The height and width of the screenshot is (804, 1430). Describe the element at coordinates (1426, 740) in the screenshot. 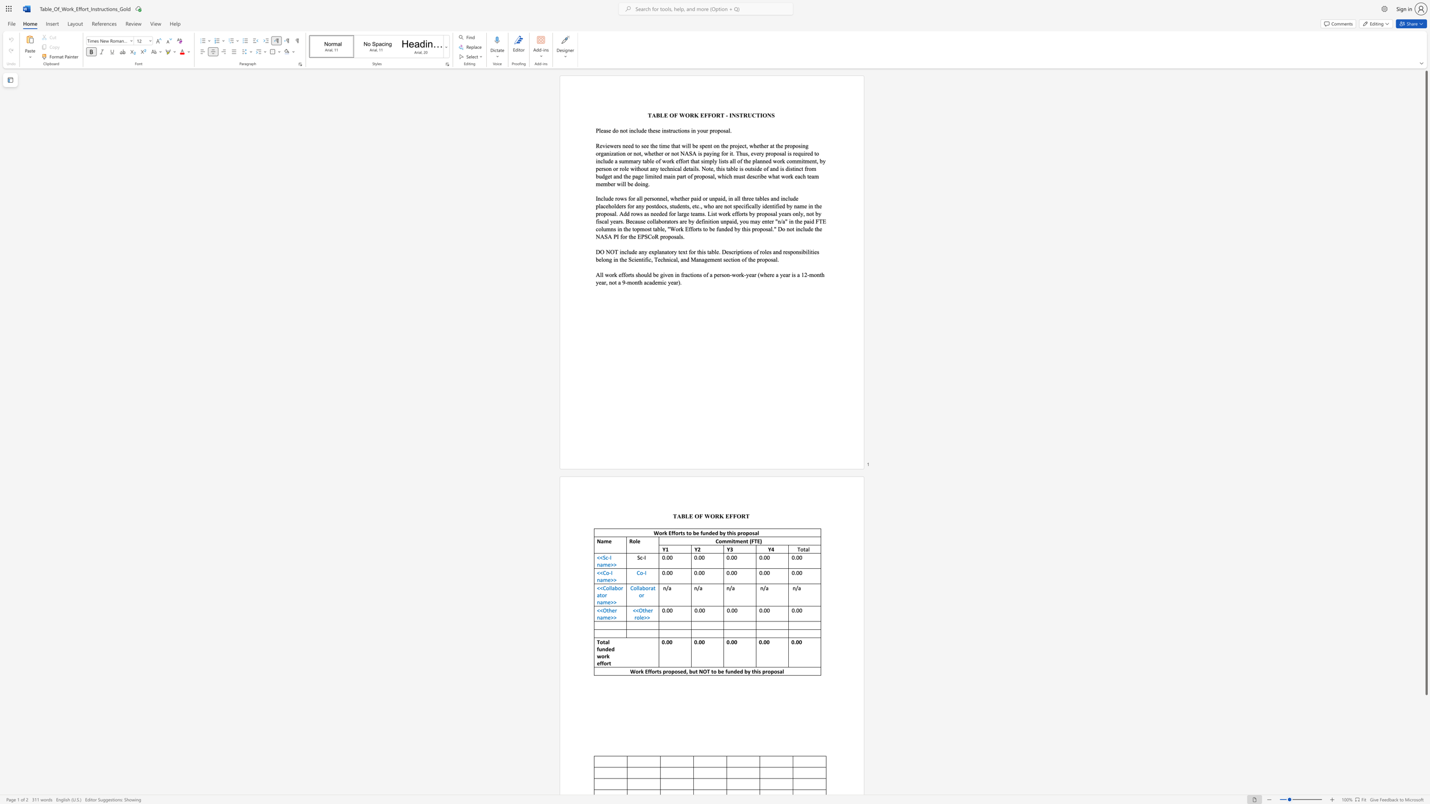

I see `the scrollbar on the side` at that location.